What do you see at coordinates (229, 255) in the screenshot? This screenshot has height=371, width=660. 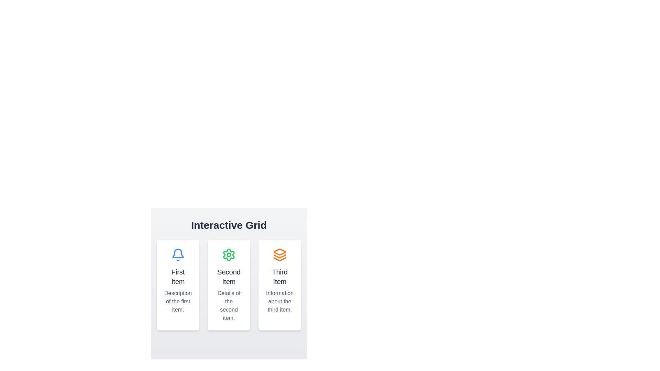 I see `the settings icon located at the center-top of the card labeled 'Second Item' in the horizontal list of cards` at bounding box center [229, 255].